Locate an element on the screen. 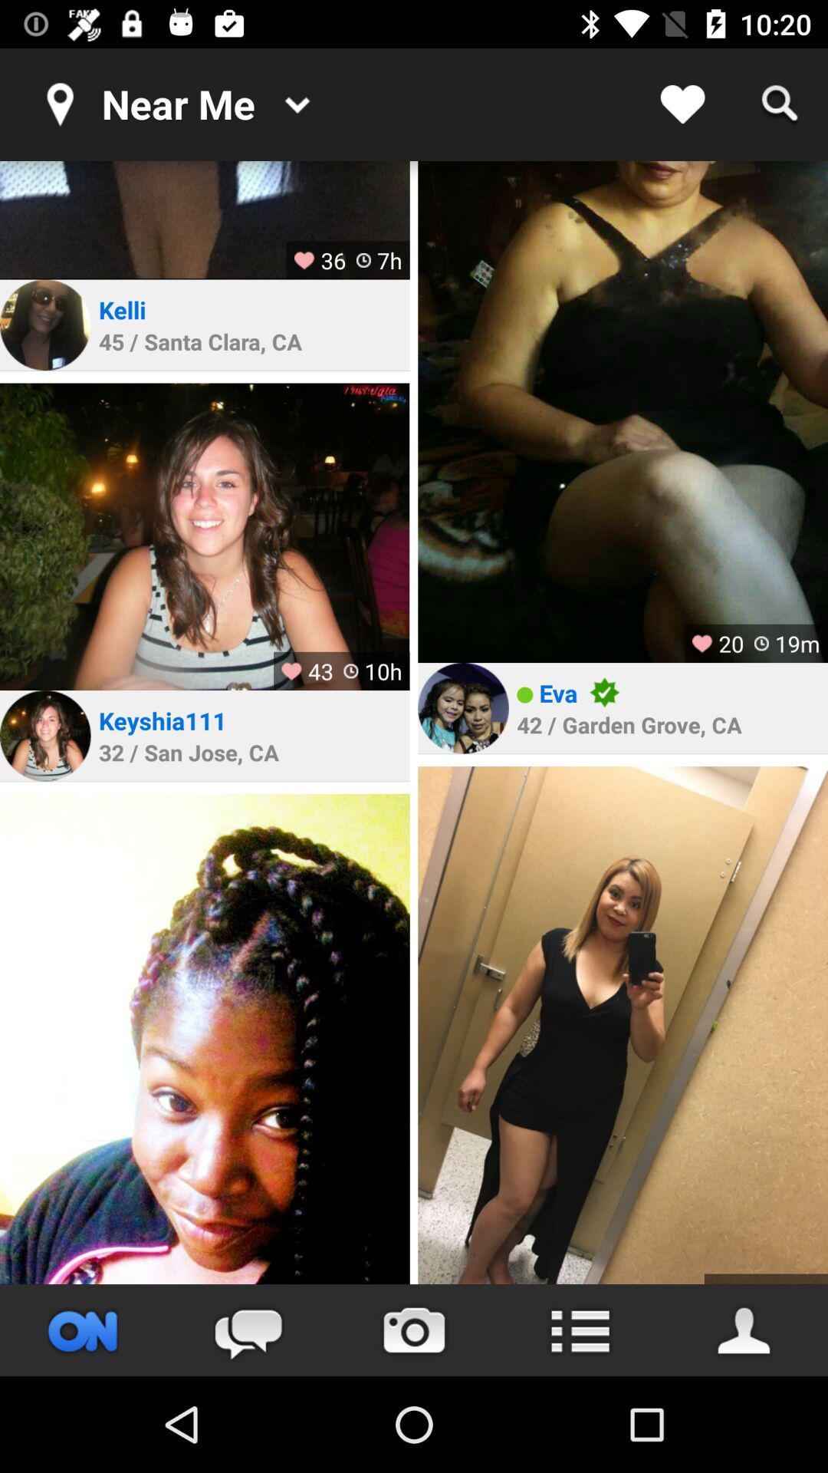 Image resolution: width=828 pixels, height=1473 pixels. user profile is located at coordinates (44, 735).